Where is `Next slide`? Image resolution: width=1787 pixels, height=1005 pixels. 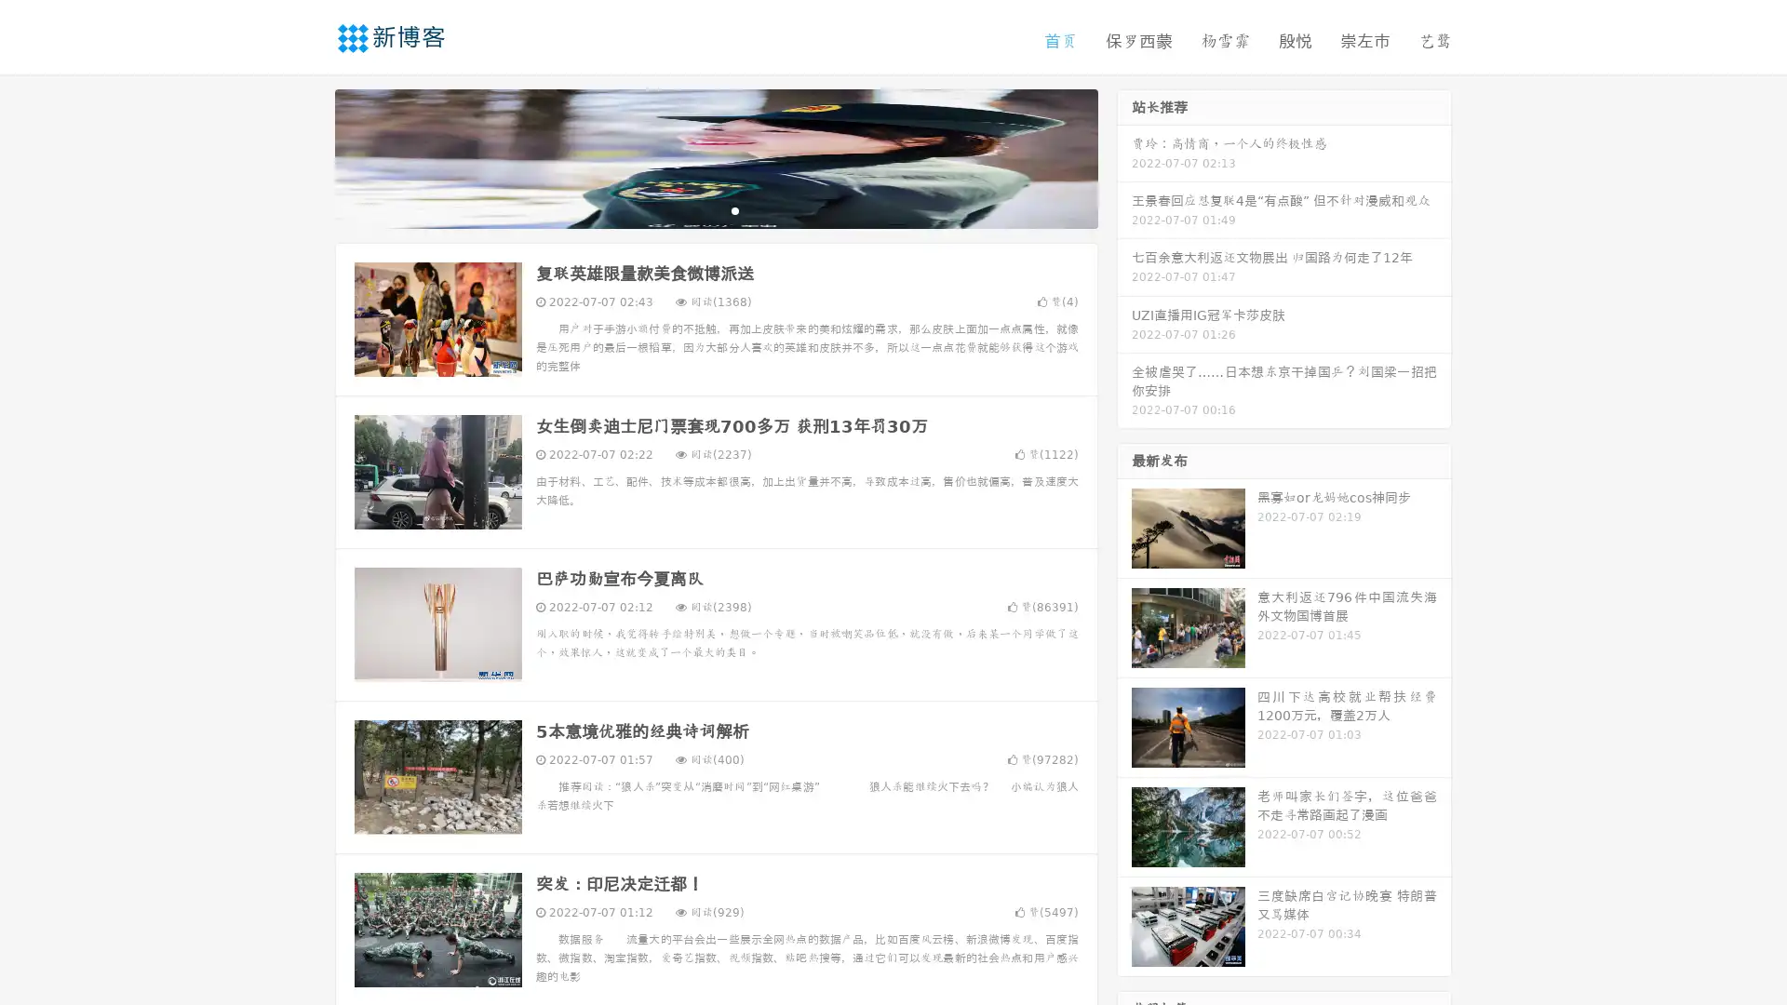 Next slide is located at coordinates (1124, 156).